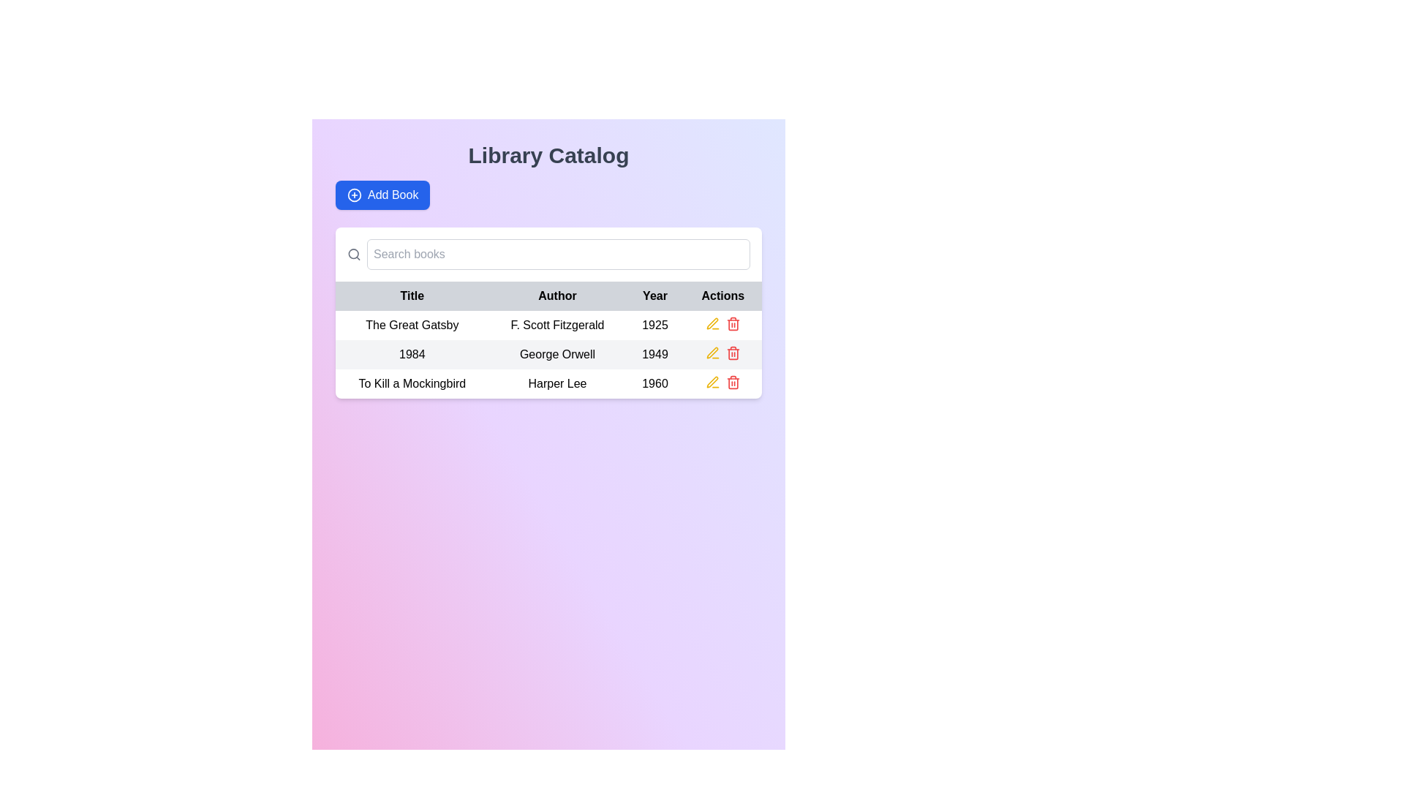 The image size is (1404, 790). I want to click on title, author, and publication year of the book entry for '1984' by 'George Orwell', published in '1949', located in the second row of the book list table, so click(548, 355).